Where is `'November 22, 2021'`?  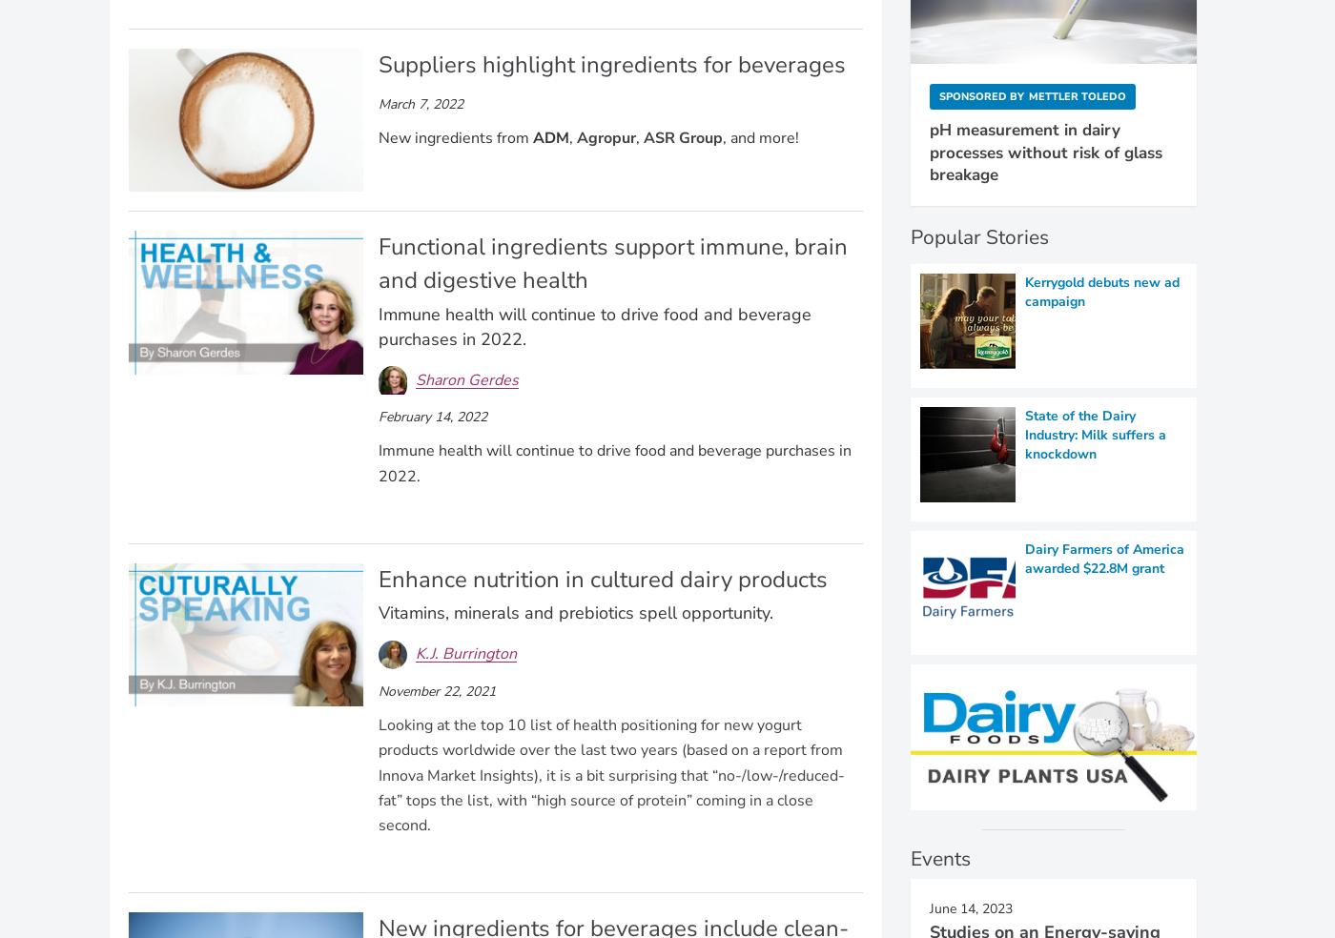 'November 22, 2021' is located at coordinates (435, 690).